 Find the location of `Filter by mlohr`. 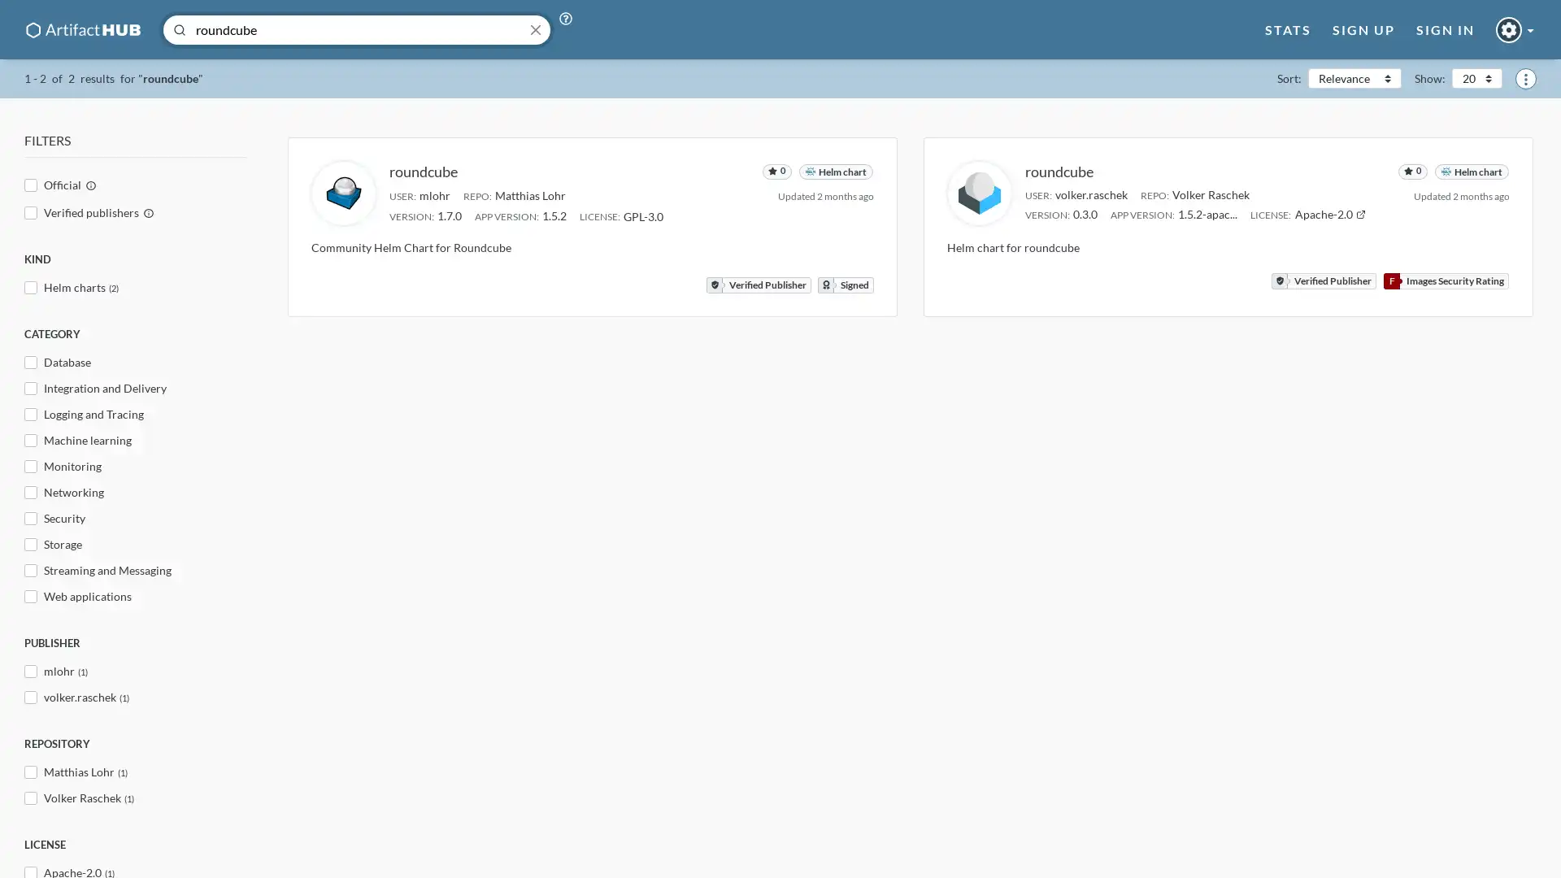

Filter by mlohr is located at coordinates (434, 193).